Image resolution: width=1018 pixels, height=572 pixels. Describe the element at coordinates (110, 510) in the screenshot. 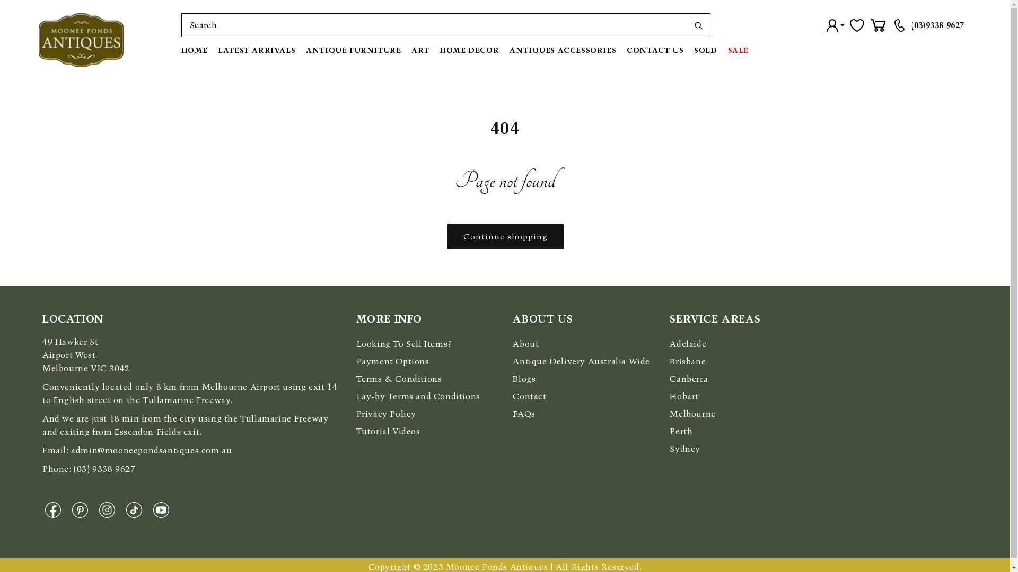

I see `'Instagram'` at that location.